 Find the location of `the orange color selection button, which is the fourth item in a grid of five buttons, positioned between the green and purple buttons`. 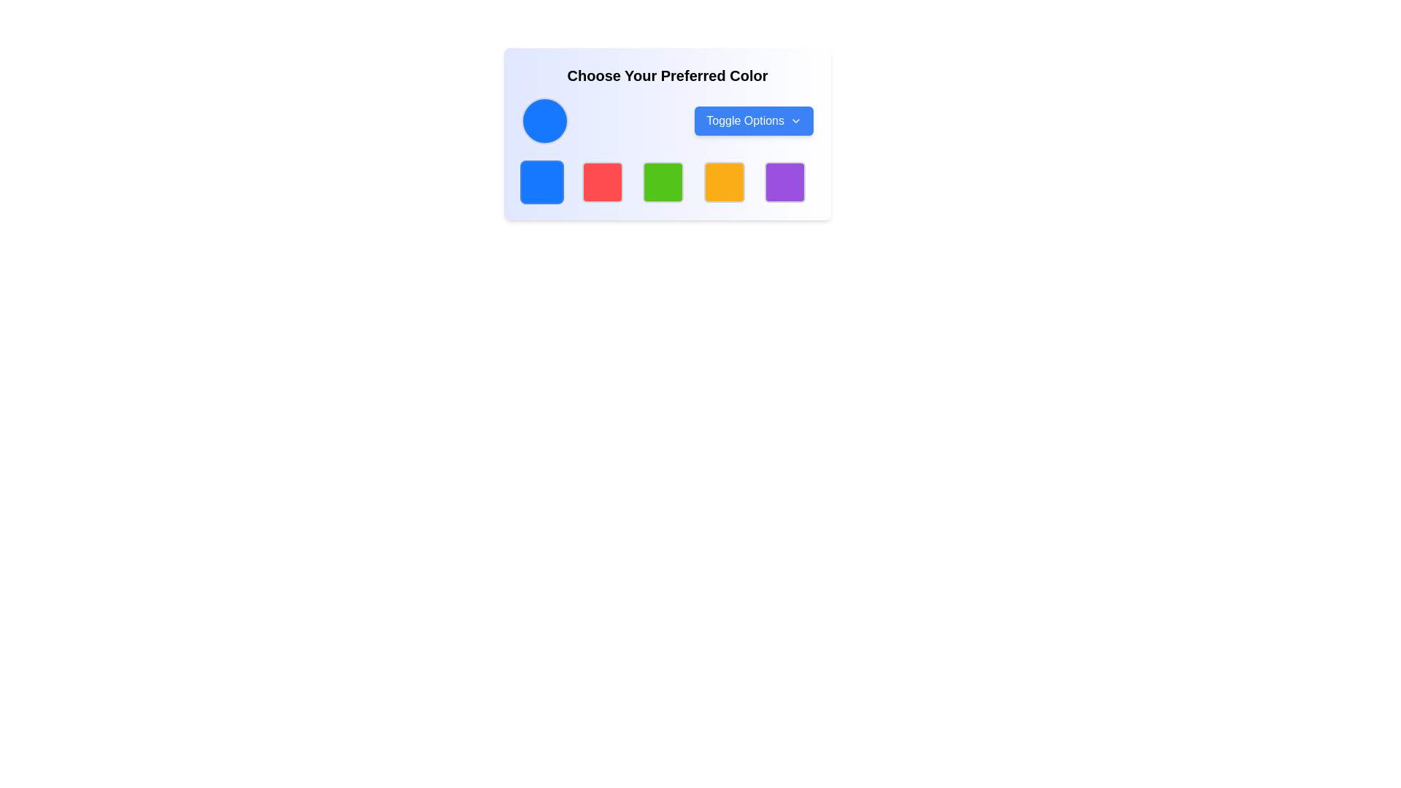

the orange color selection button, which is the fourth item in a grid of five buttons, positioned between the green and purple buttons is located at coordinates (724, 182).